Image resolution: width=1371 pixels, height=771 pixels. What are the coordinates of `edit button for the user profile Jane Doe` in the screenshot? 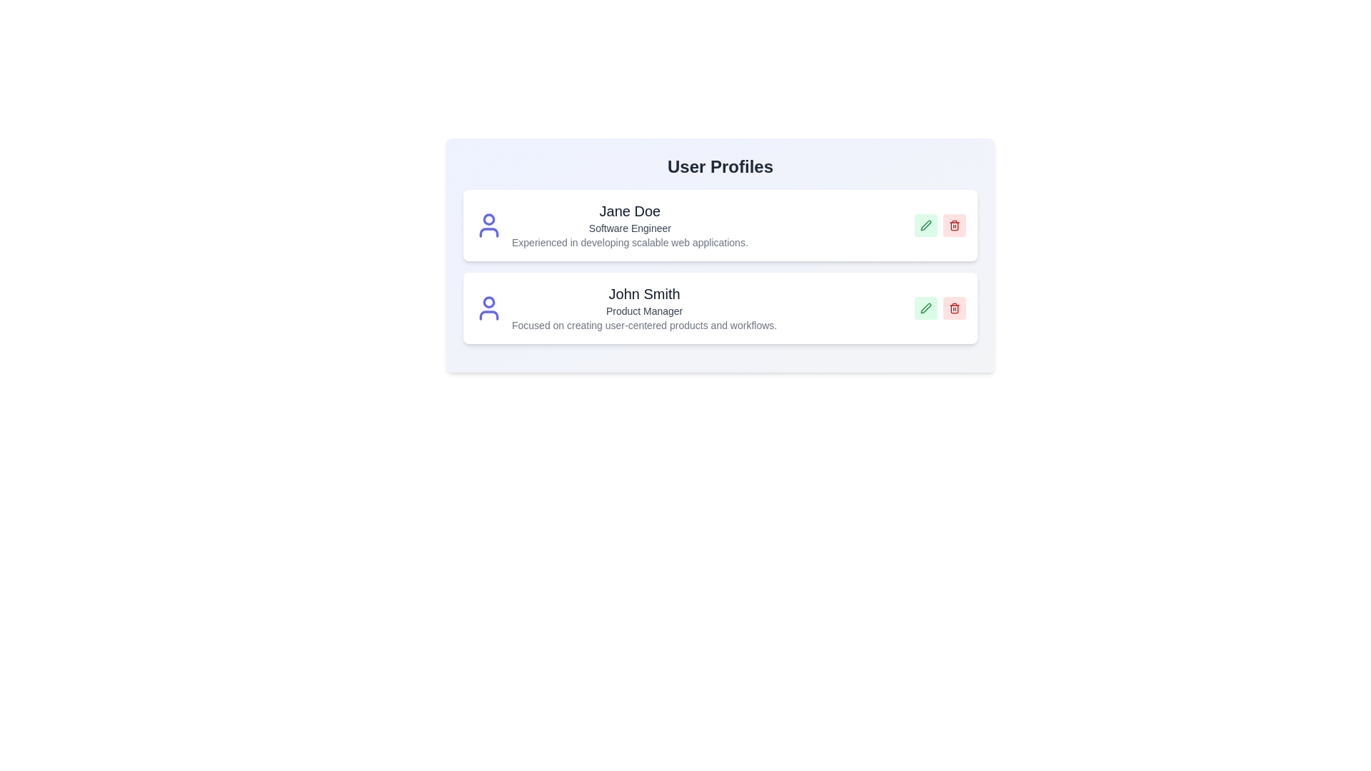 It's located at (925, 225).